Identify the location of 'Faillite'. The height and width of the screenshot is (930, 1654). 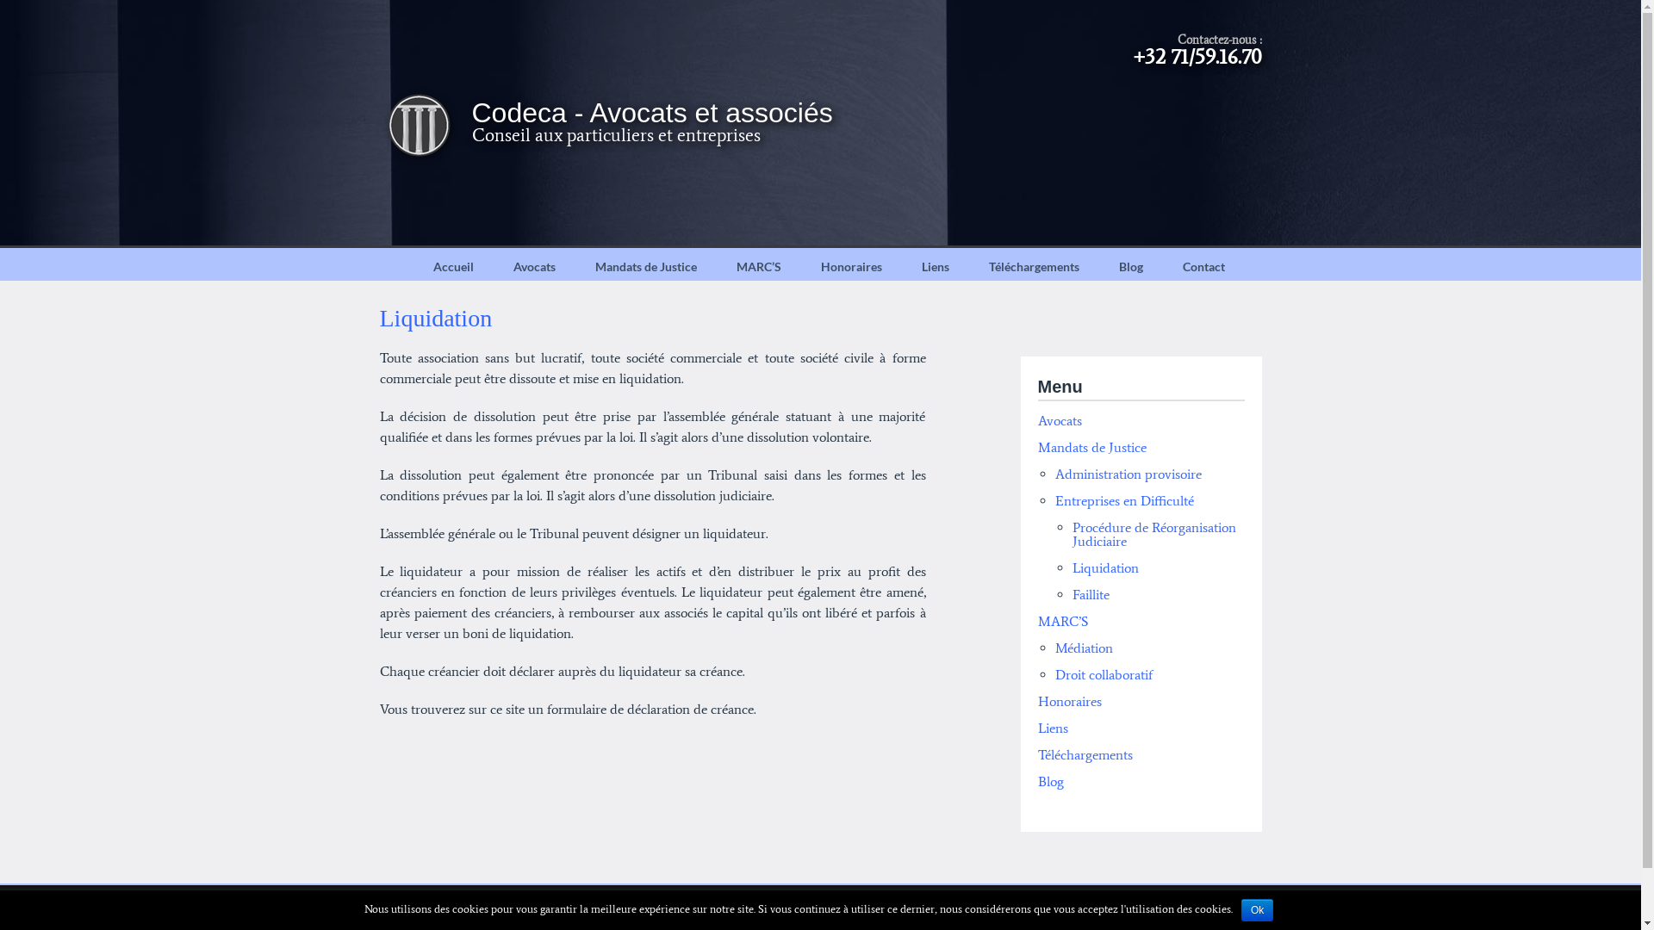
(1089, 593).